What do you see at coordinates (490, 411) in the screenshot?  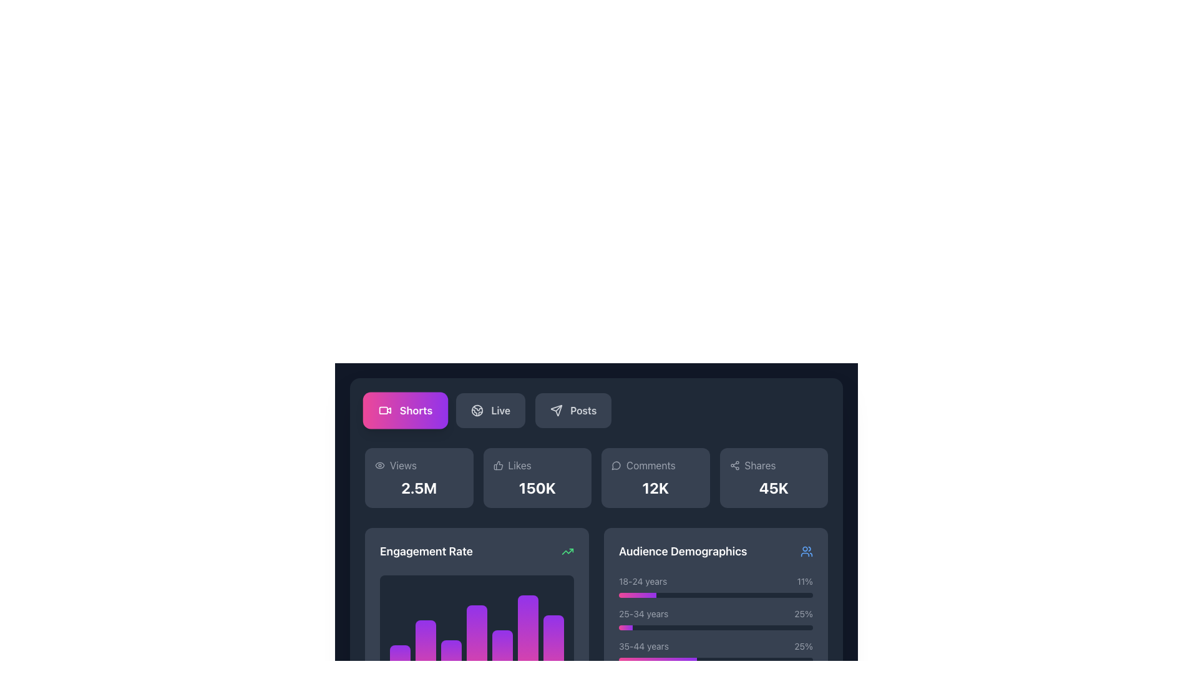 I see `the central button labeled 'Live'` at bounding box center [490, 411].